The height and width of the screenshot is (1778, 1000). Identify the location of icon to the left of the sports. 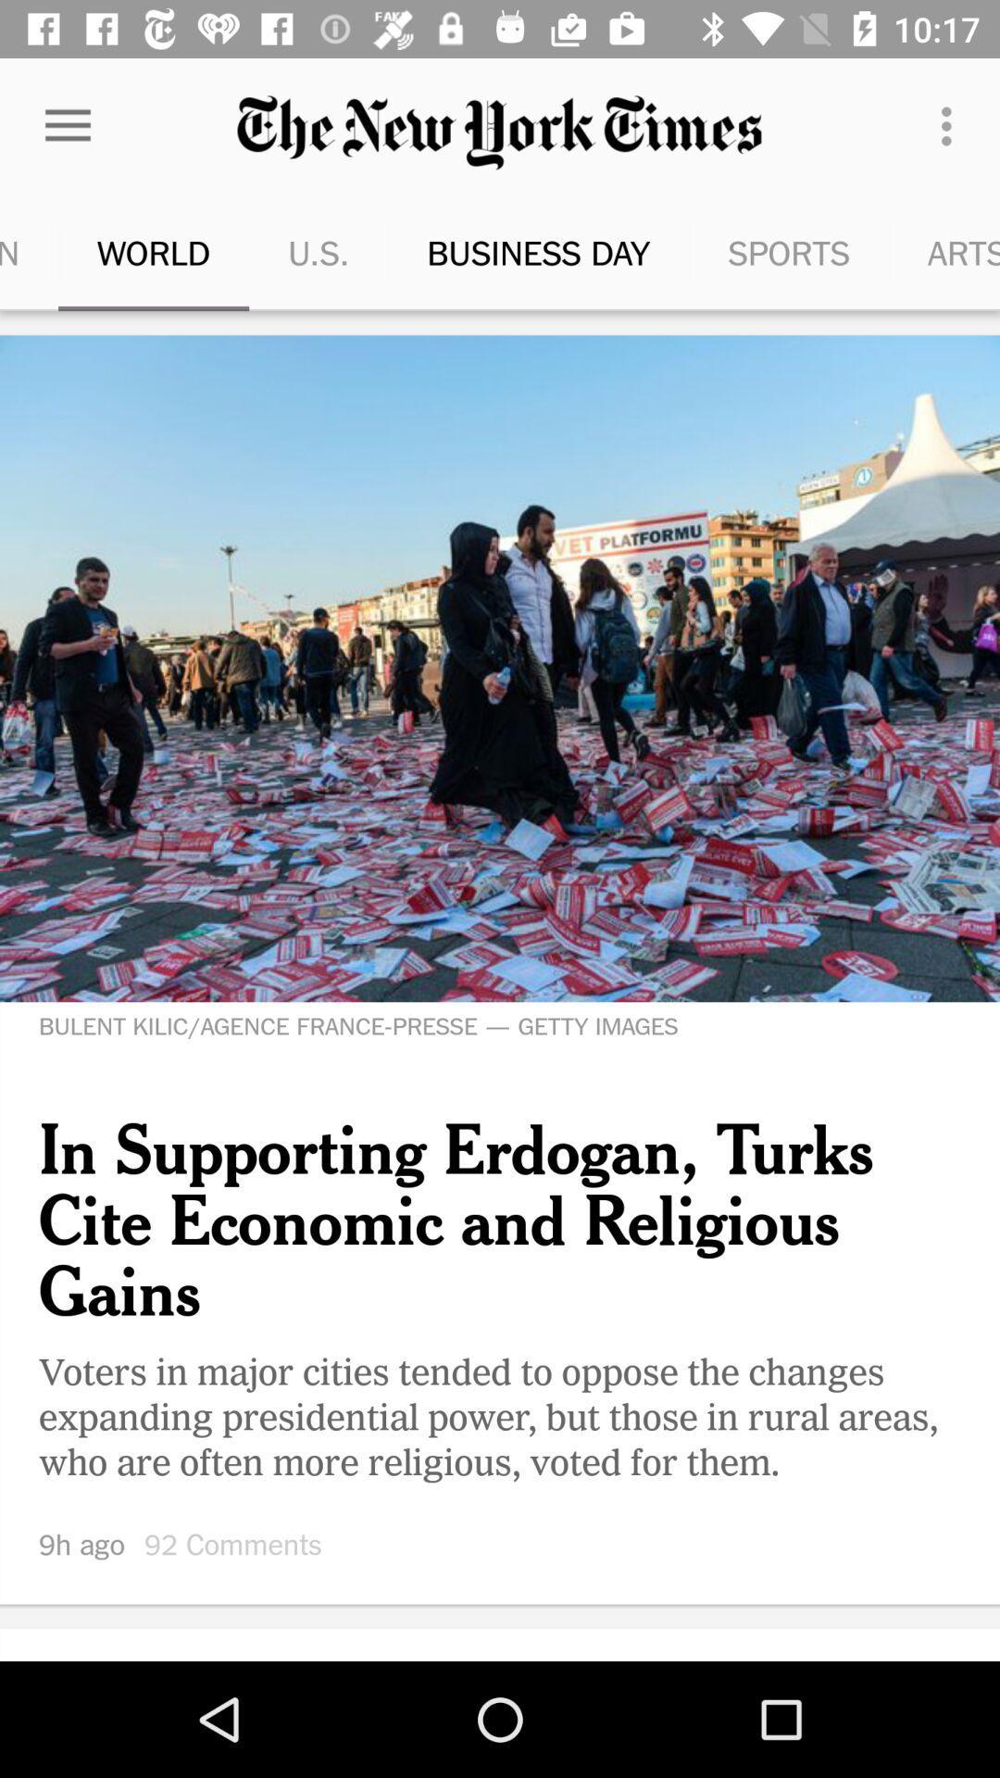
(490, 252).